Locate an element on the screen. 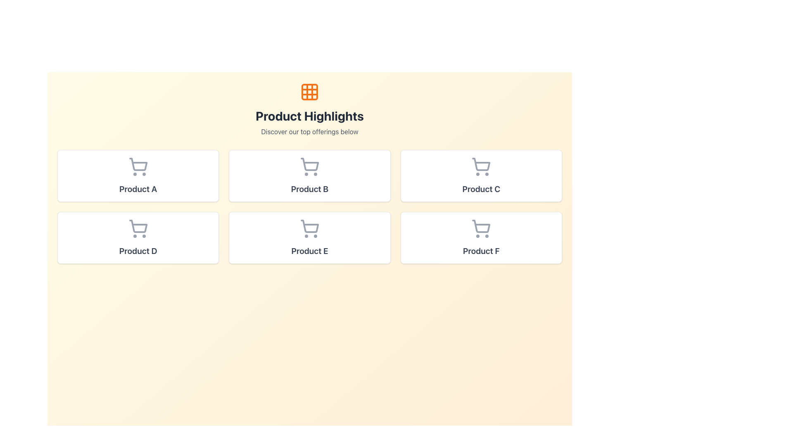  the topmost icon within the card labeled 'Product F', which is located in the bottom-right corner of the grid is located at coordinates (481, 229).